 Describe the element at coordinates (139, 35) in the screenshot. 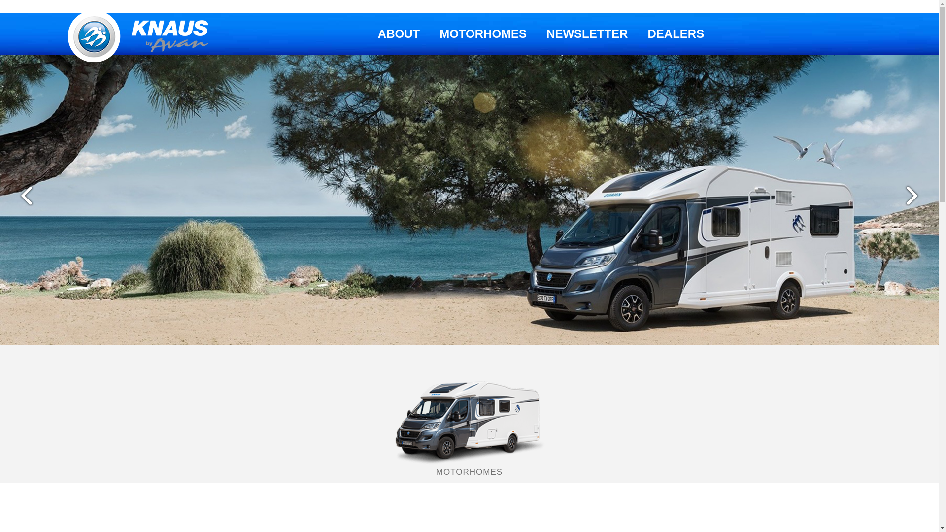

I see `'Knaus Australia'` at that location.